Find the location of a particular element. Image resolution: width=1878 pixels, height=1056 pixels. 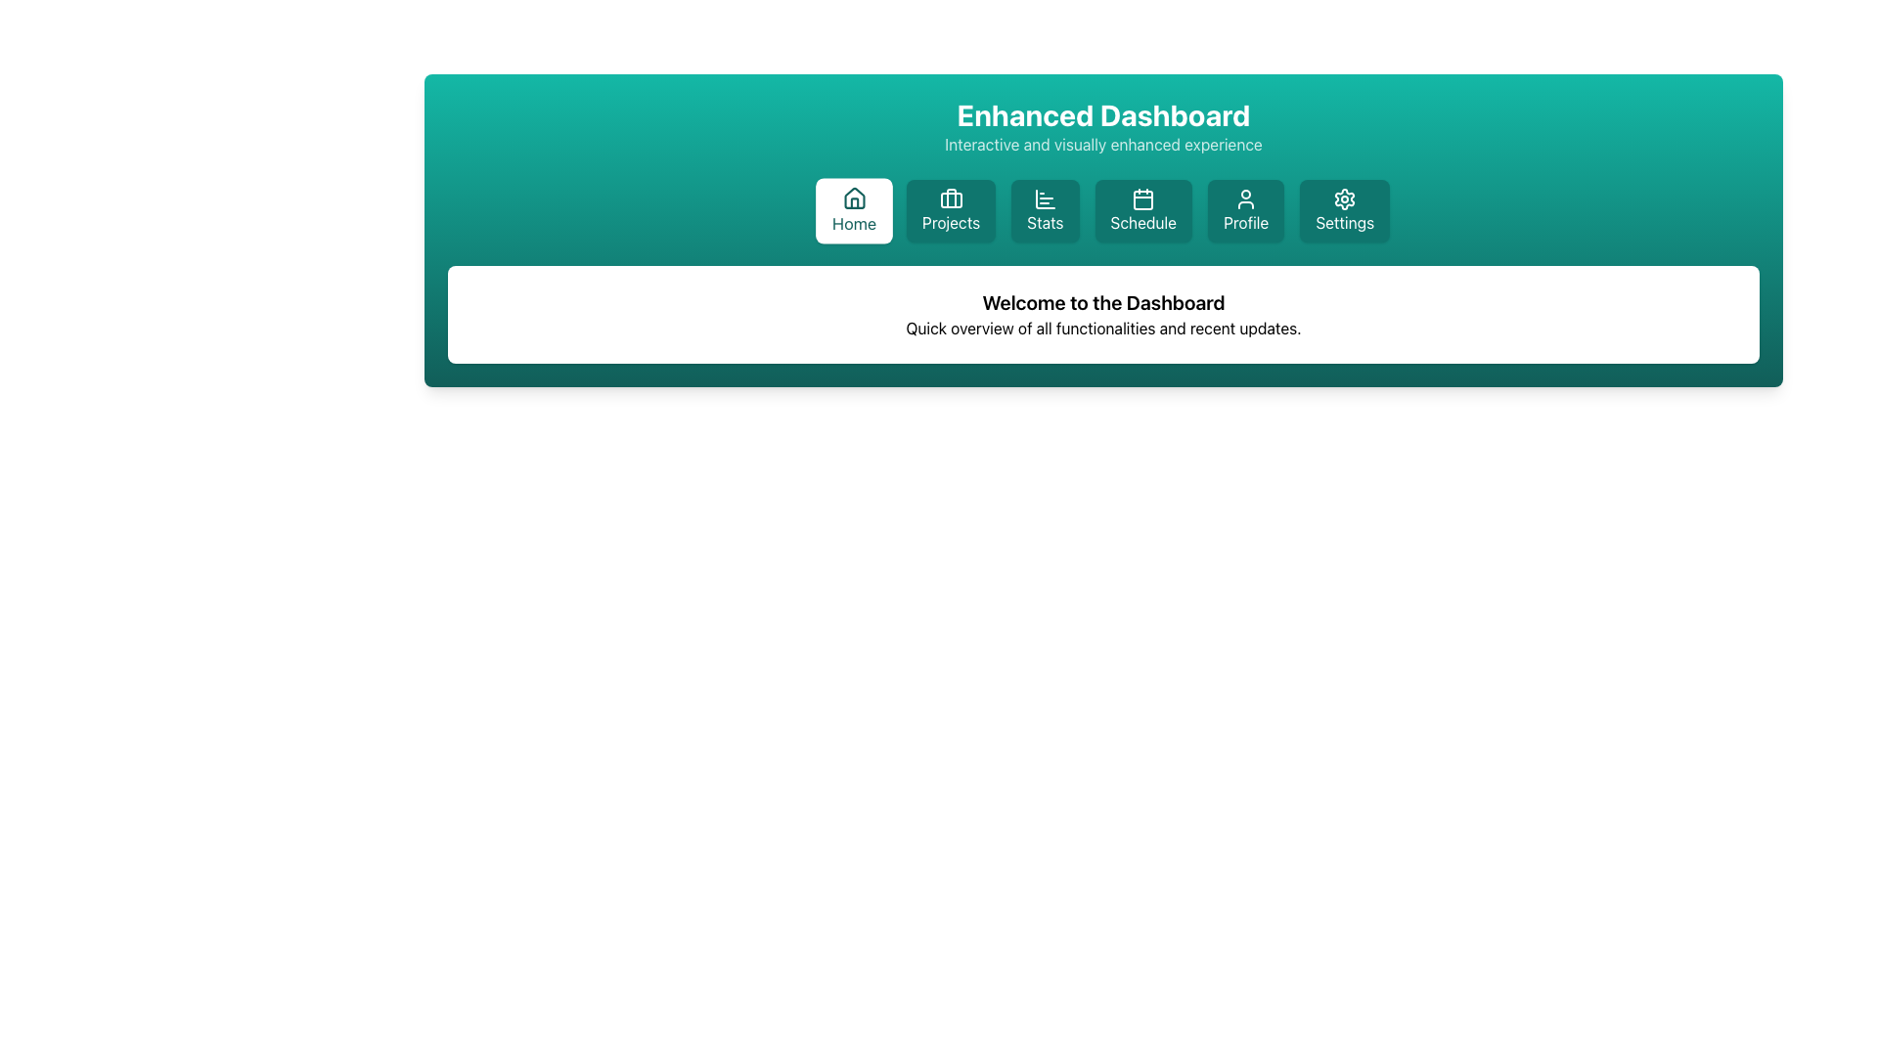

text element containing the phrase 'Quick overview of all functionalities and recent updates.' which is positioned below the 'Welcome to the Dashboard' header is located at coordinates (1103, 327).